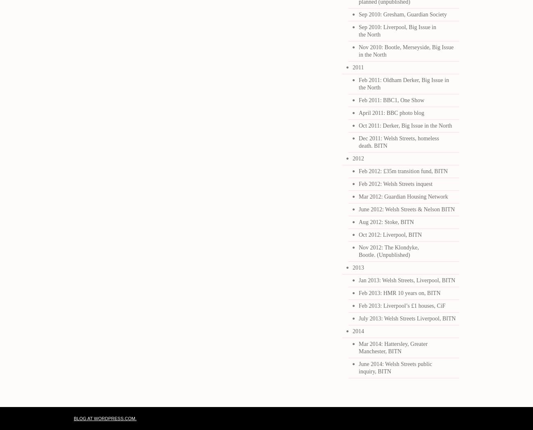  What do you see at coordinates (397, 31) in the screenshot?
I see `'Sep 2010: Liverpool, Big Issue in the North'` at bounding box center [397, 31].